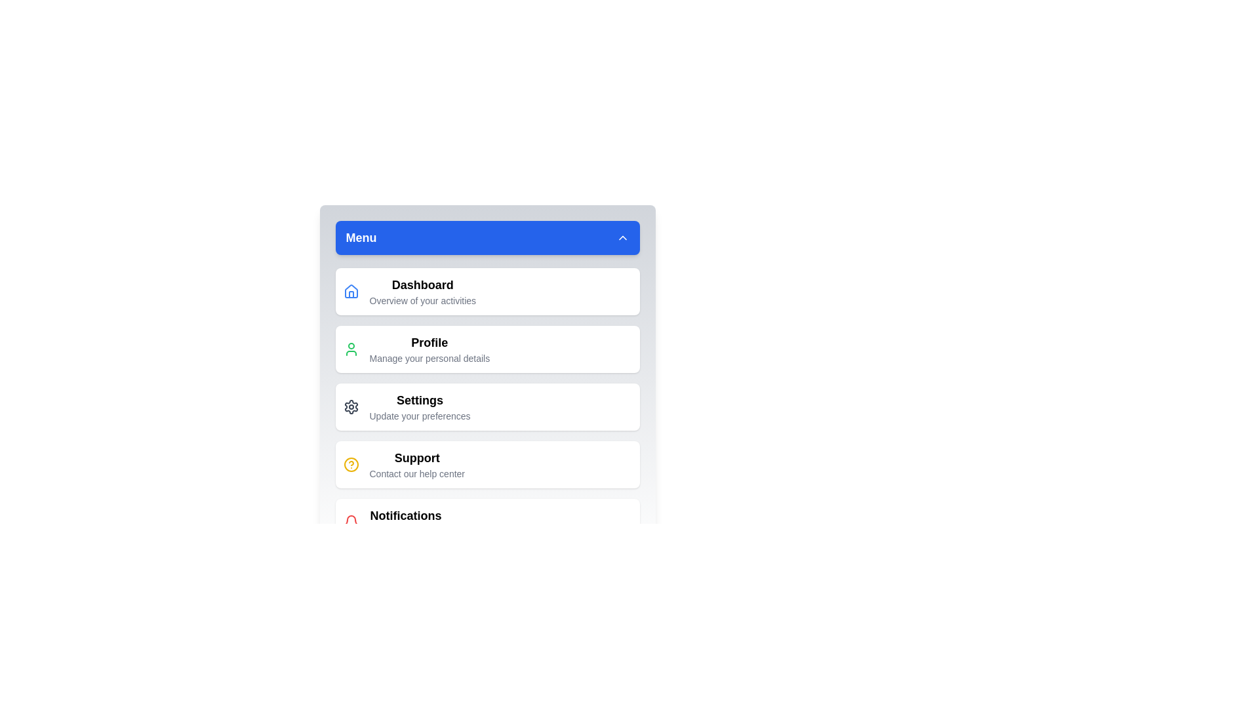 The image size is (1259, 708). What do you see at coordinates (487, 522) in the screenshot?
I see `the Notifications button, which features a red bell icon and has two lines of text: 'Notifications' and 'View recent alerts'. It is the fifth item in a vertical list of options within a menu, located below 'Support'` at bounding box center [487, 522].